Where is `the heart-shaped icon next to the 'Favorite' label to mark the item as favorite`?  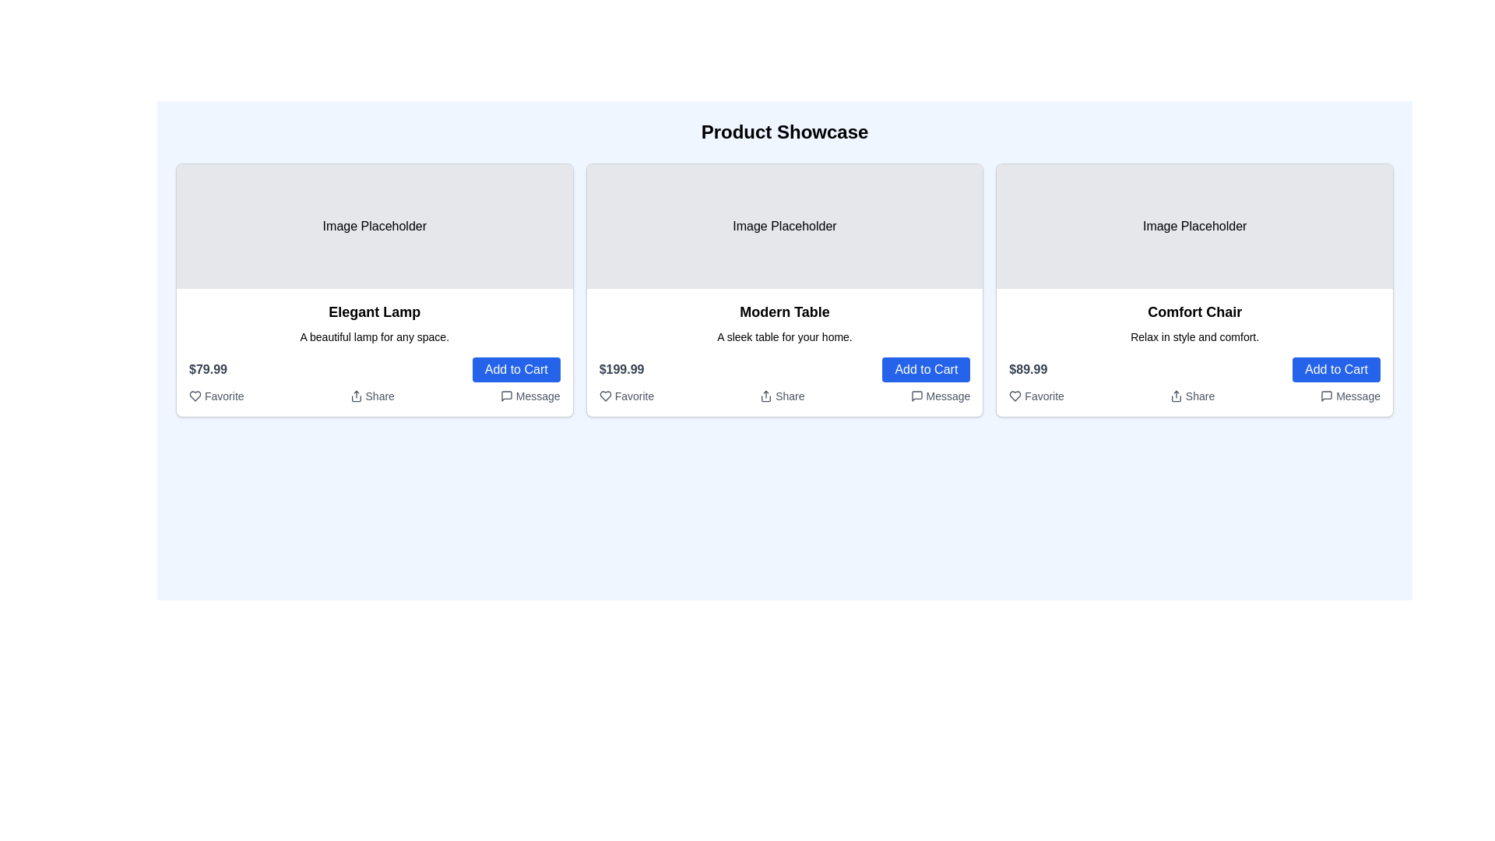
the heart-shaped icon next to the 'Favorite' label to mark the item as favorite is located at coordinates (604, 396).